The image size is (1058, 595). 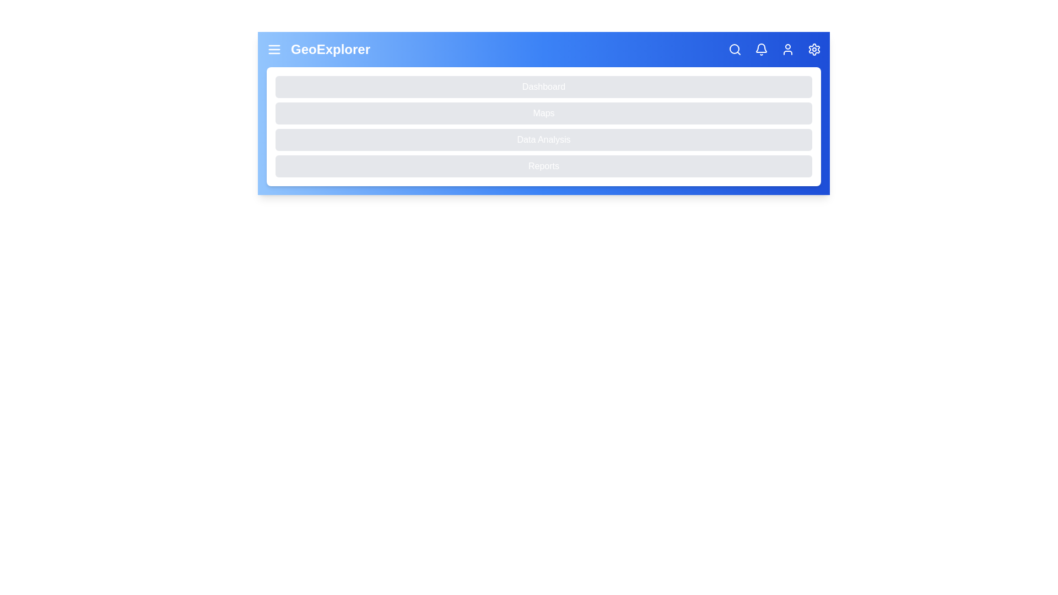 What do you see at coordinates (544, 86) in the screenshot?
I see `the menu item labeled Dashboard to navigate to the corresponding section` at bounding box center [544, 86].